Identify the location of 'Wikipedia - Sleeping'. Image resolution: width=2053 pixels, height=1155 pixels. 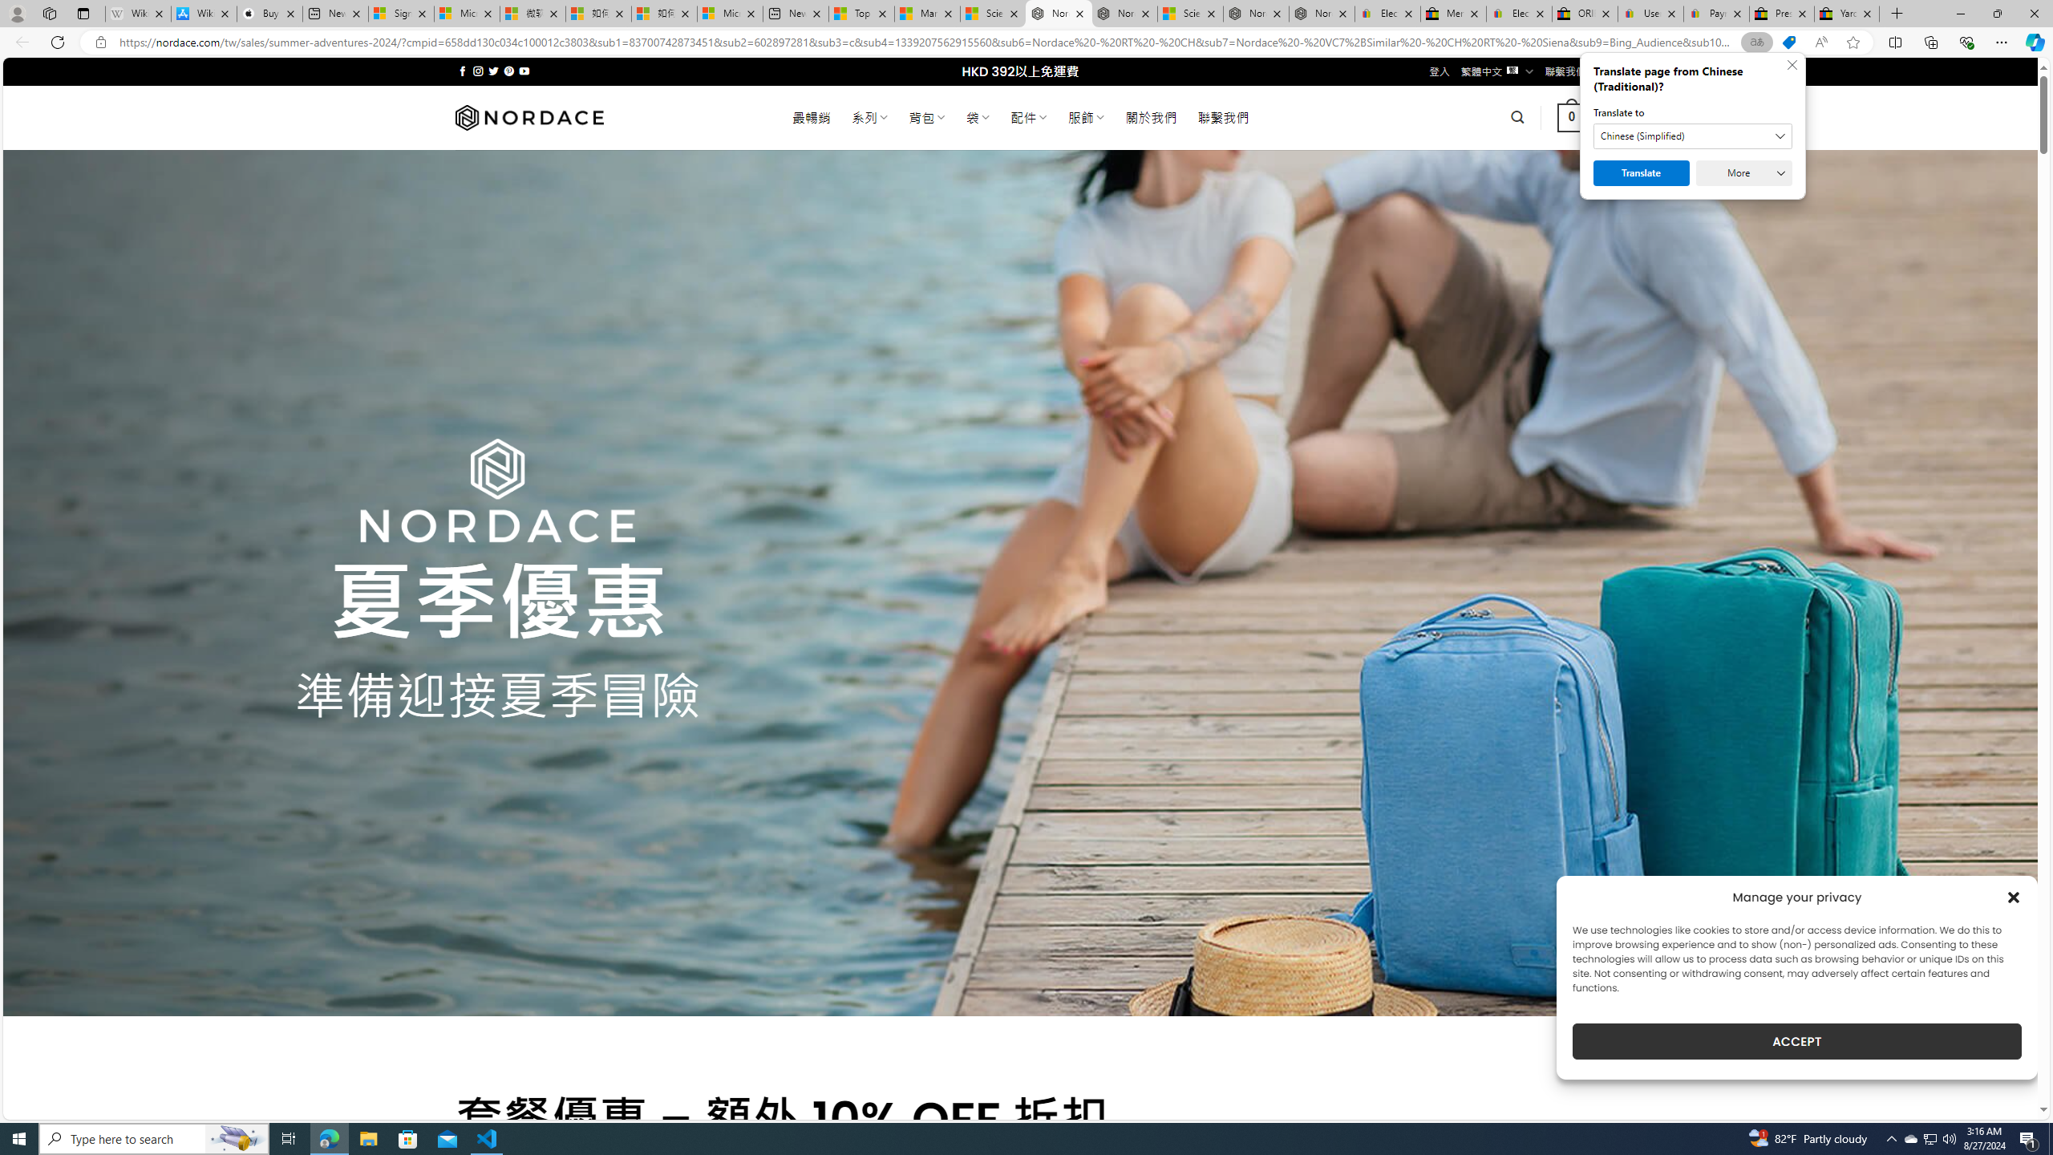
(137, 13).